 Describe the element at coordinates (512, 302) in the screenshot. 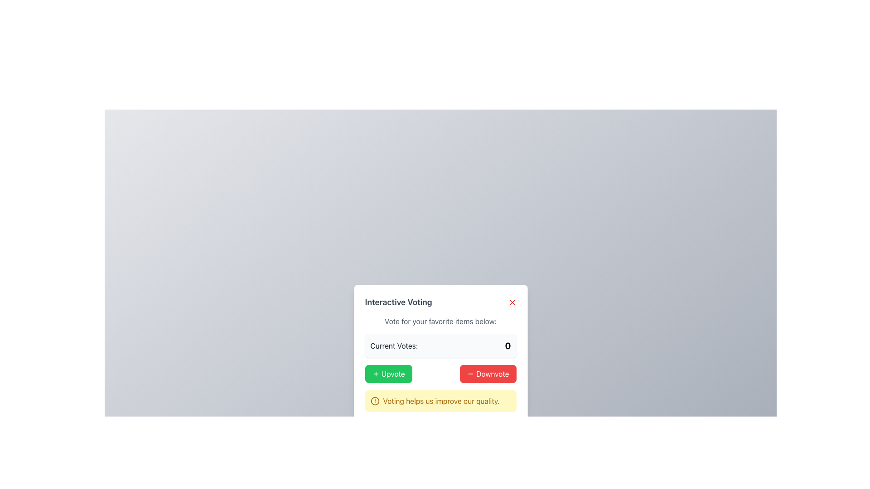

I see `the Close button represented by a minimalistic 'X' icon in the top-right corner of the interactive voting panel` at that location.